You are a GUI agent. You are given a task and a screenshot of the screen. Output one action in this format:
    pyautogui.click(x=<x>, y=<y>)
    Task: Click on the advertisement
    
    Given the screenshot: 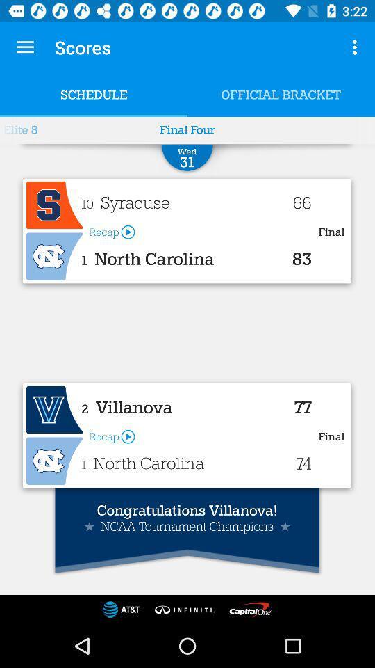 What is the action you would take?
    pyautogui.click(x=53, y=205)
    